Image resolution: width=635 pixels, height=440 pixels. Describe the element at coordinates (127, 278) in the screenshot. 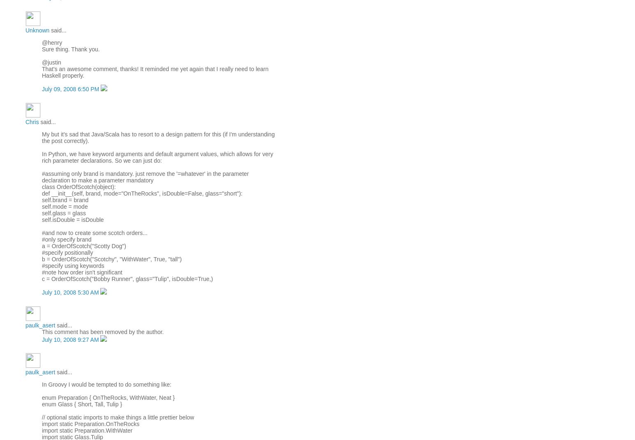

I see `'c = OrderOfScotch("Bobby Runner", glass="Tulip", isDouble=True,)'` at that location.